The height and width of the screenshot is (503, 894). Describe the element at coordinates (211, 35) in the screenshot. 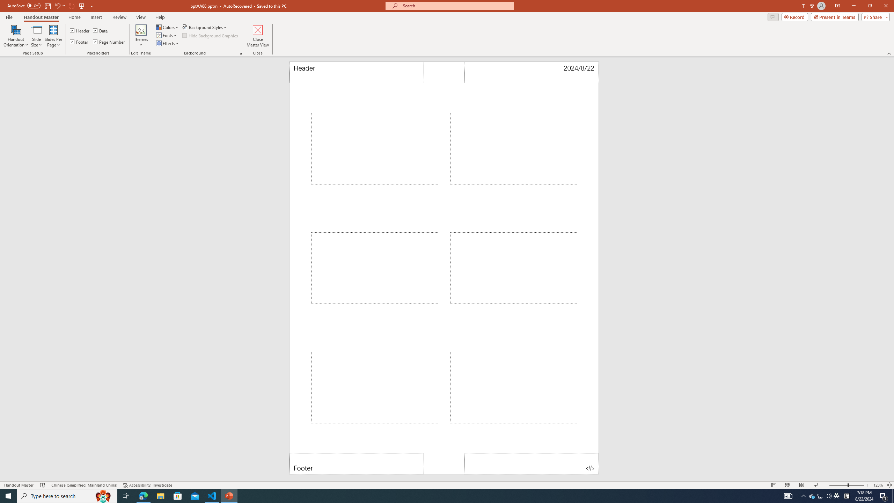

I see `'Hide Background Graphics'` at that location.